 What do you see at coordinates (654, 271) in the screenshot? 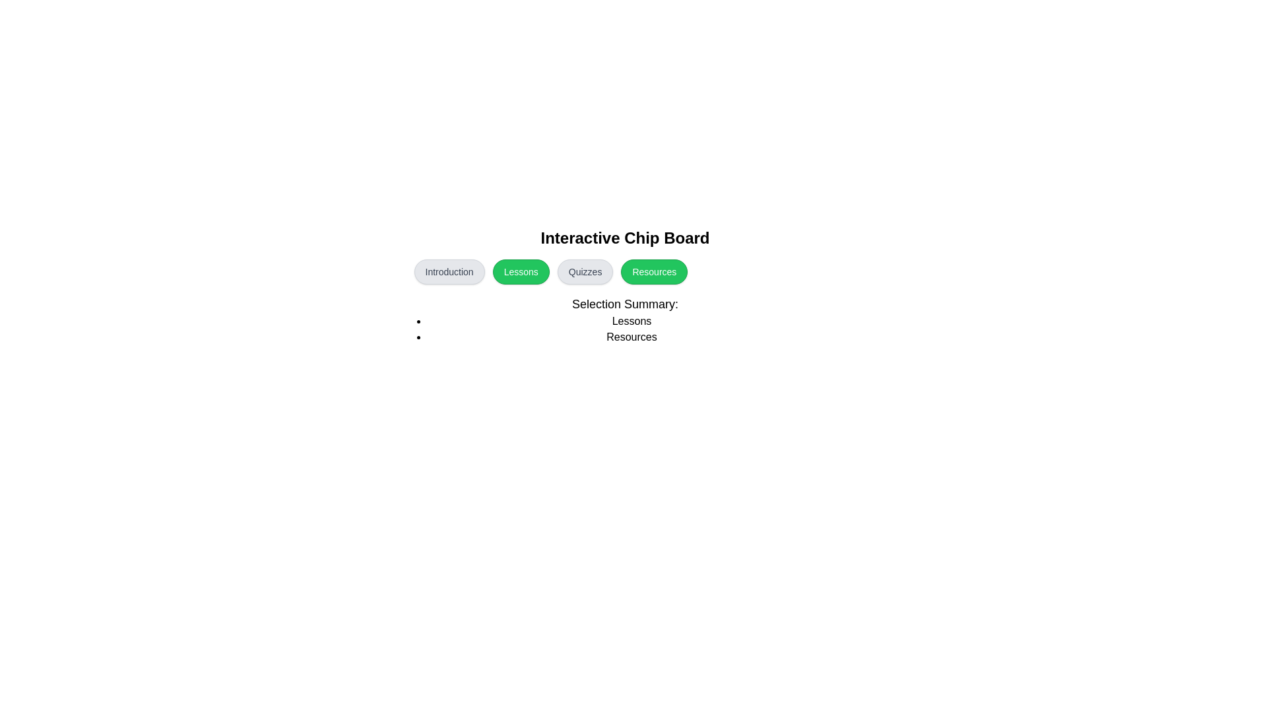
I see `the 'Resources' button, which is a rectangular button with rounded edges, solid green background, and white text` at bounding box center [654, 271].